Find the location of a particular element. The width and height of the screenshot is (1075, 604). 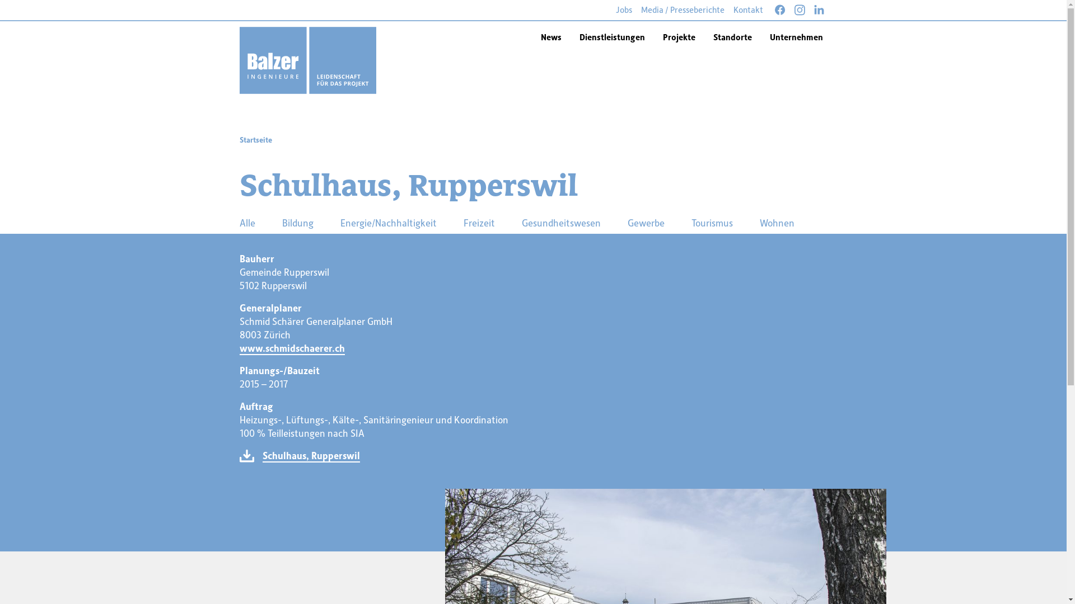

'www.schmidschaerer.ch' is located at coordinates (292, 348).